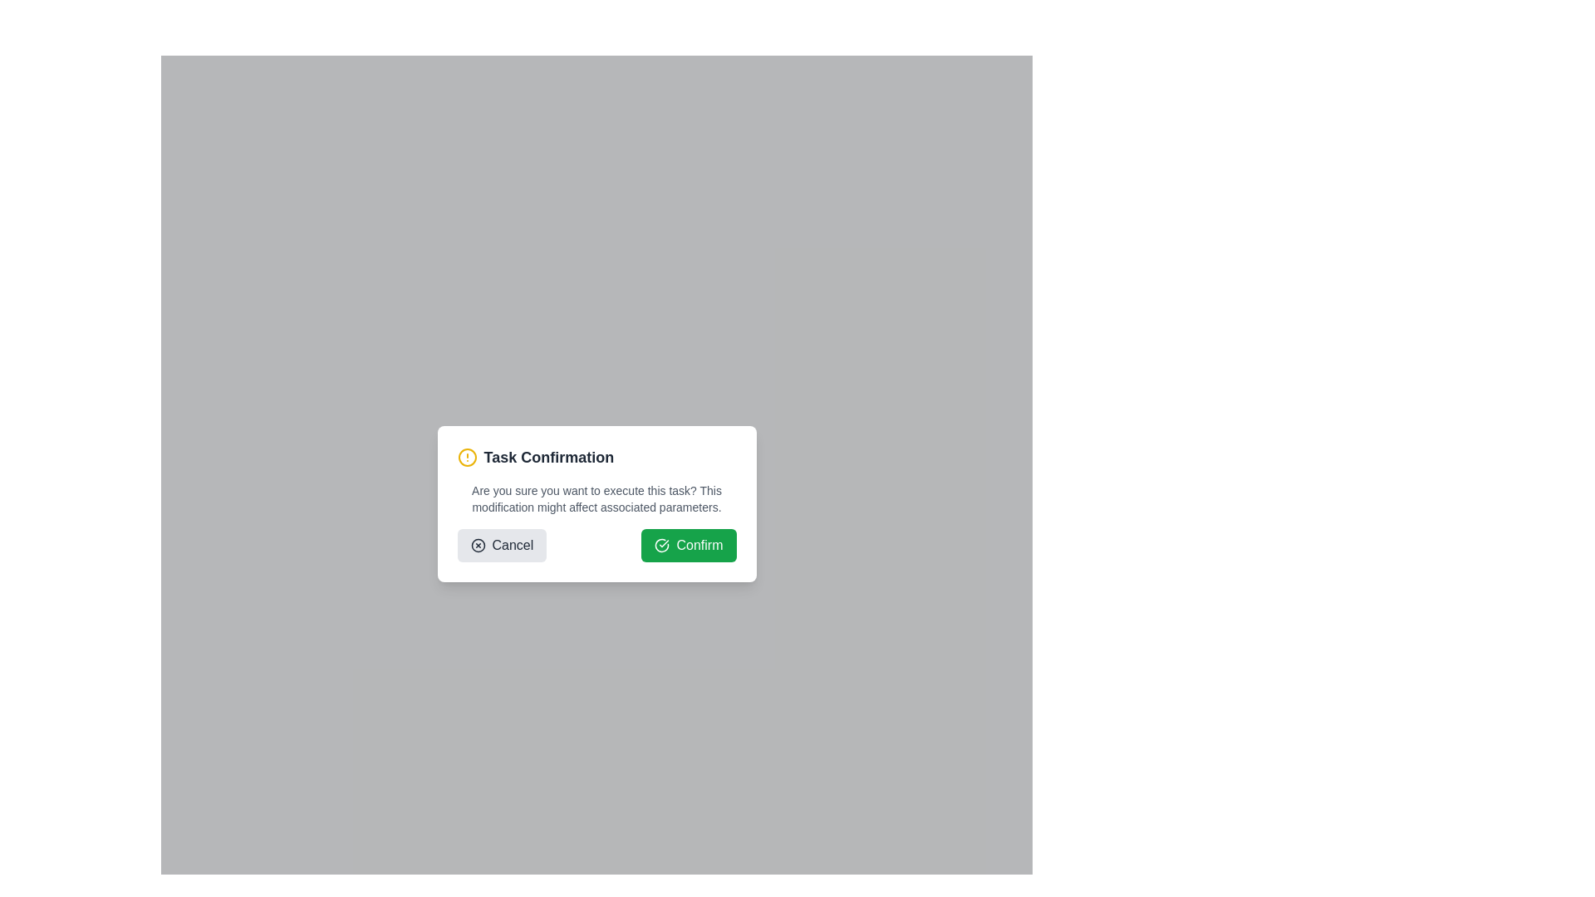  Describe the element at coordinates (689, 545) in the screenshot. I see `the 'Confirm' button with a green background and white text to confirm the action` at that location.